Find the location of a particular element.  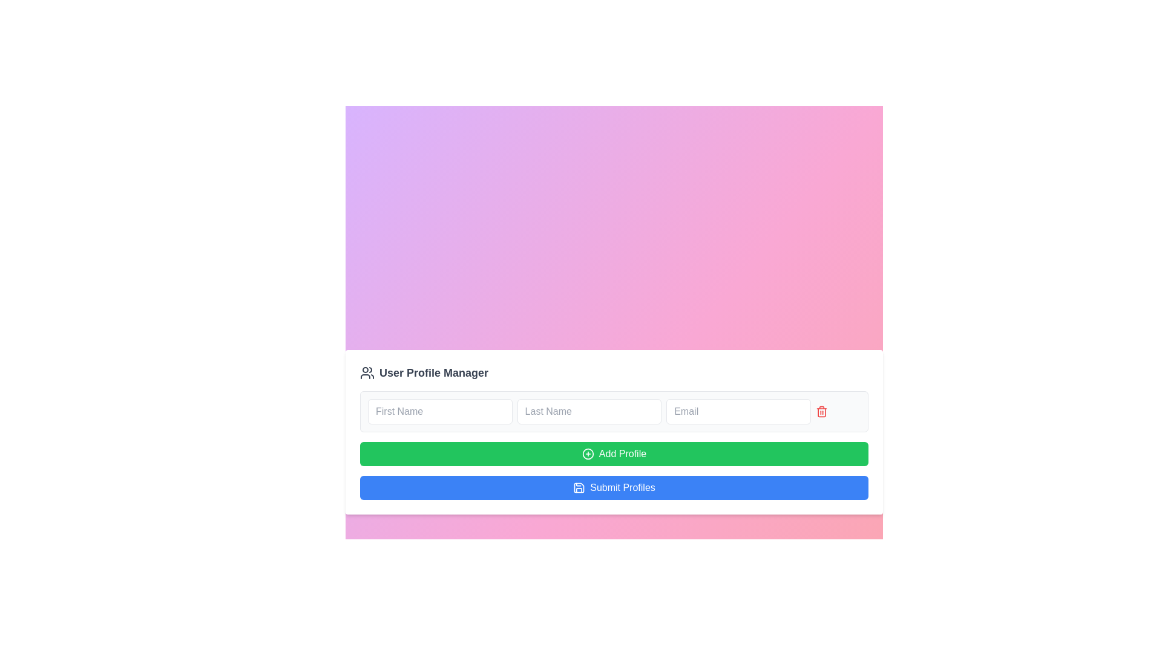

the circular SVG shape within the 'Add Profile' button, which is part of a plus icon, to initiate the action of adding a new profile is located at coordinates (588, 454).